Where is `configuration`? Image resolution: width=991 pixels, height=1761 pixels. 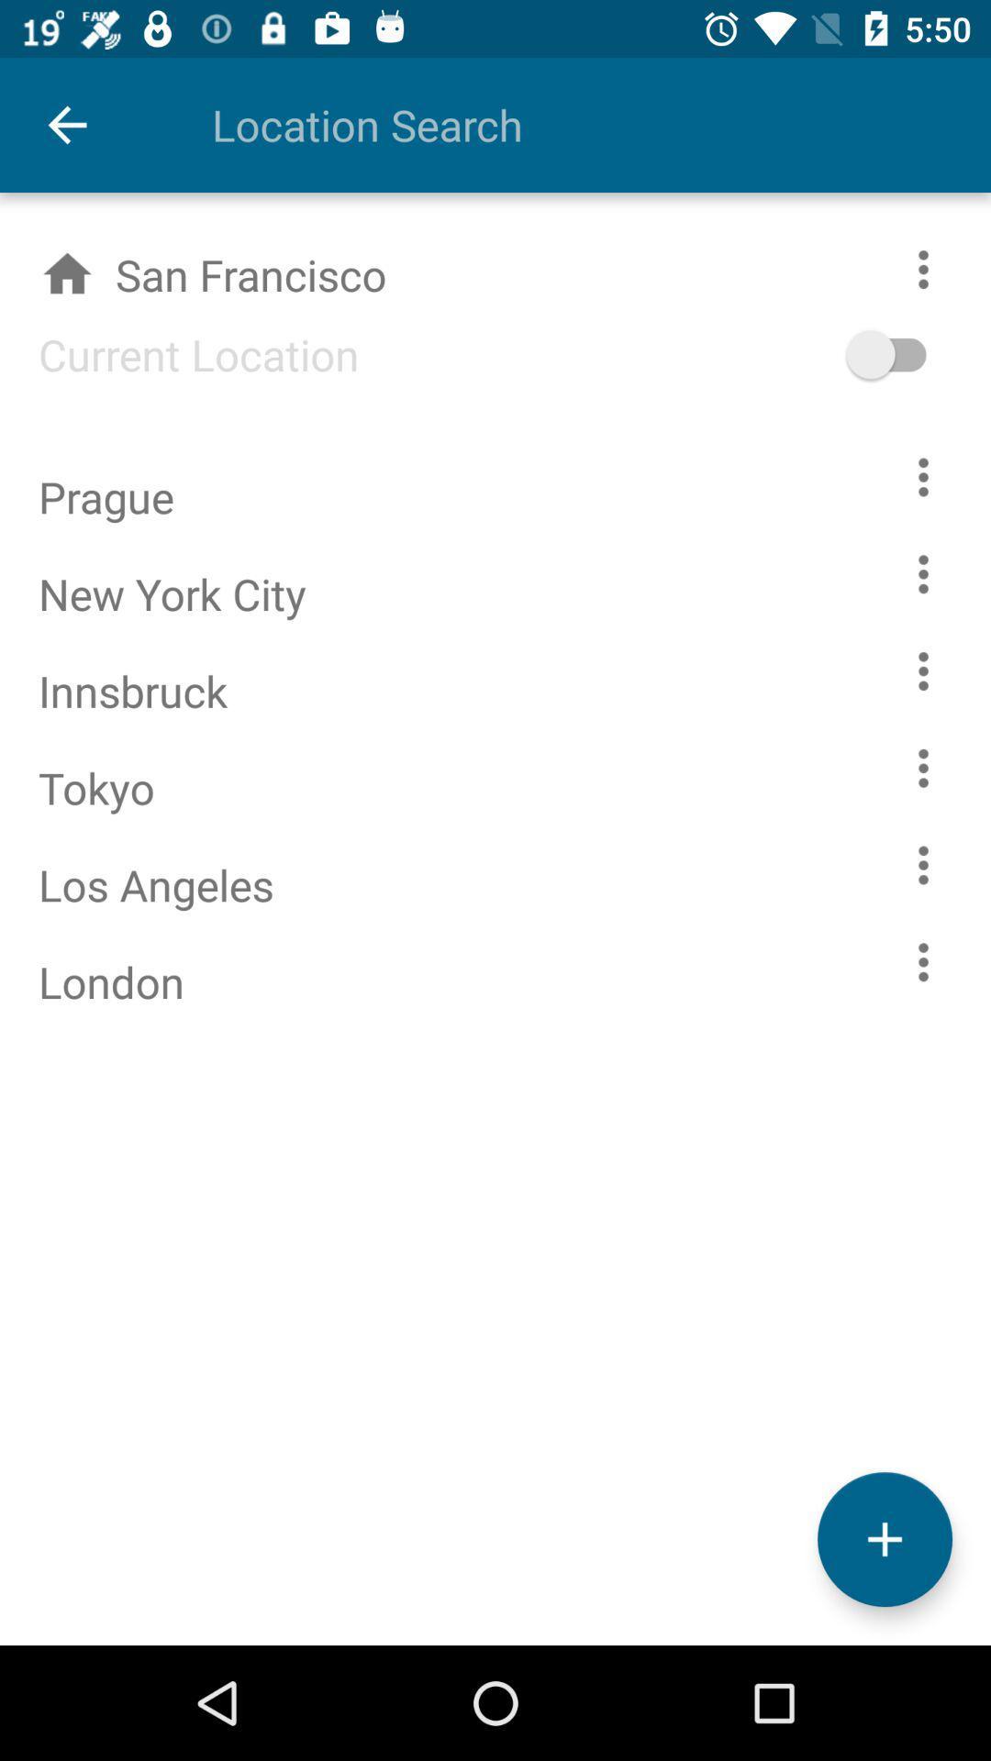 configuration is located at coordinates (923, 864).